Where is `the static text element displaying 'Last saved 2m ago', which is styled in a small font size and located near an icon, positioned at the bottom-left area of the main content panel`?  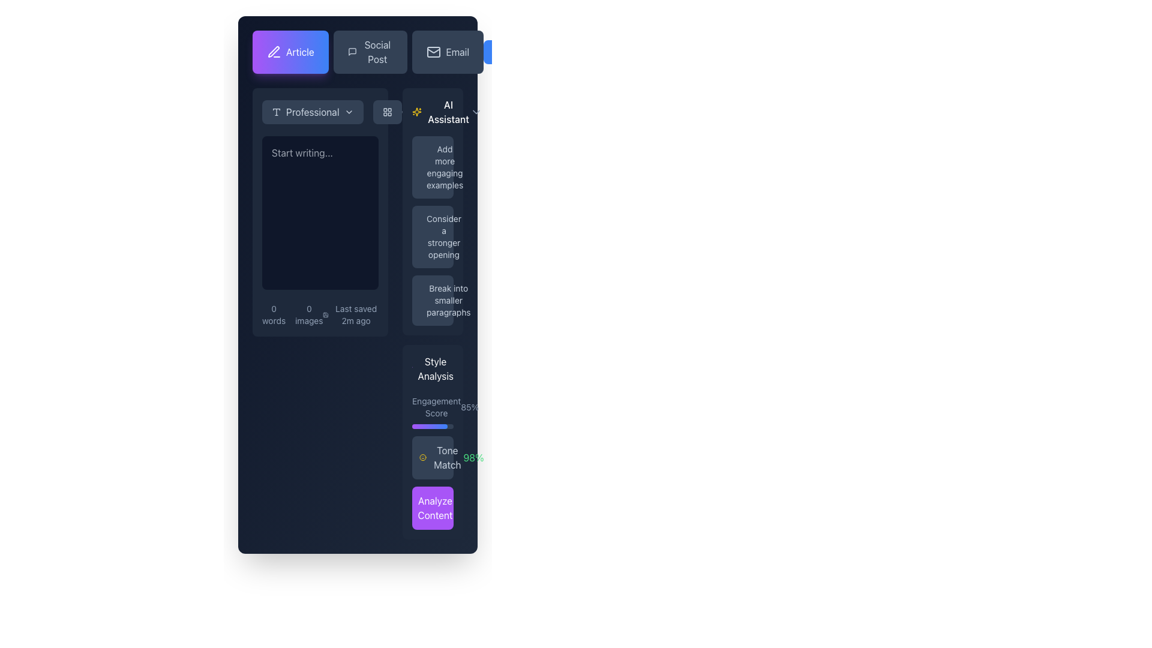 the static text element displaying 'Last saved 2m ago', which is styled in a small font size and located near an icon, positioned at the bottom-left area of the main content panel is located at coordinates (350, 314).